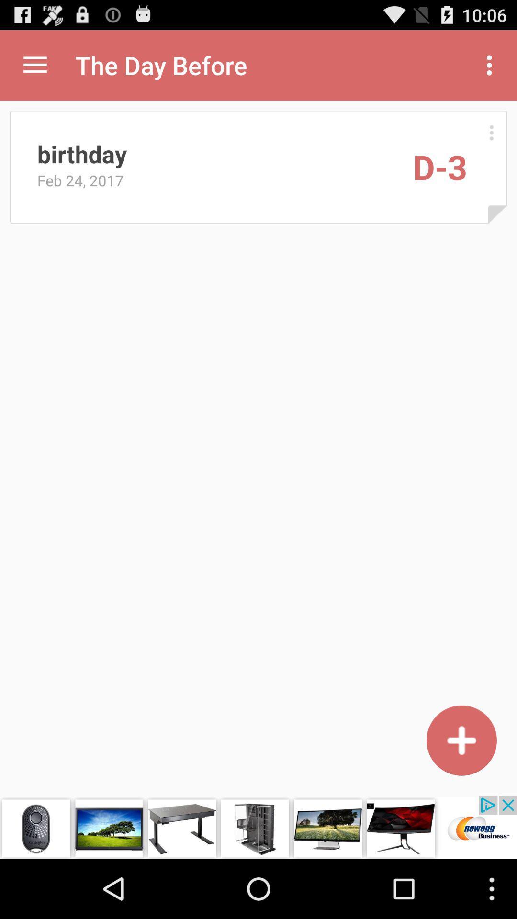 The height and width of the screenshot is (919, 517). What do you see at coordinates (258, 827) in the screenshot?
I see `visit advertised site` at bounding box center [258, 827].